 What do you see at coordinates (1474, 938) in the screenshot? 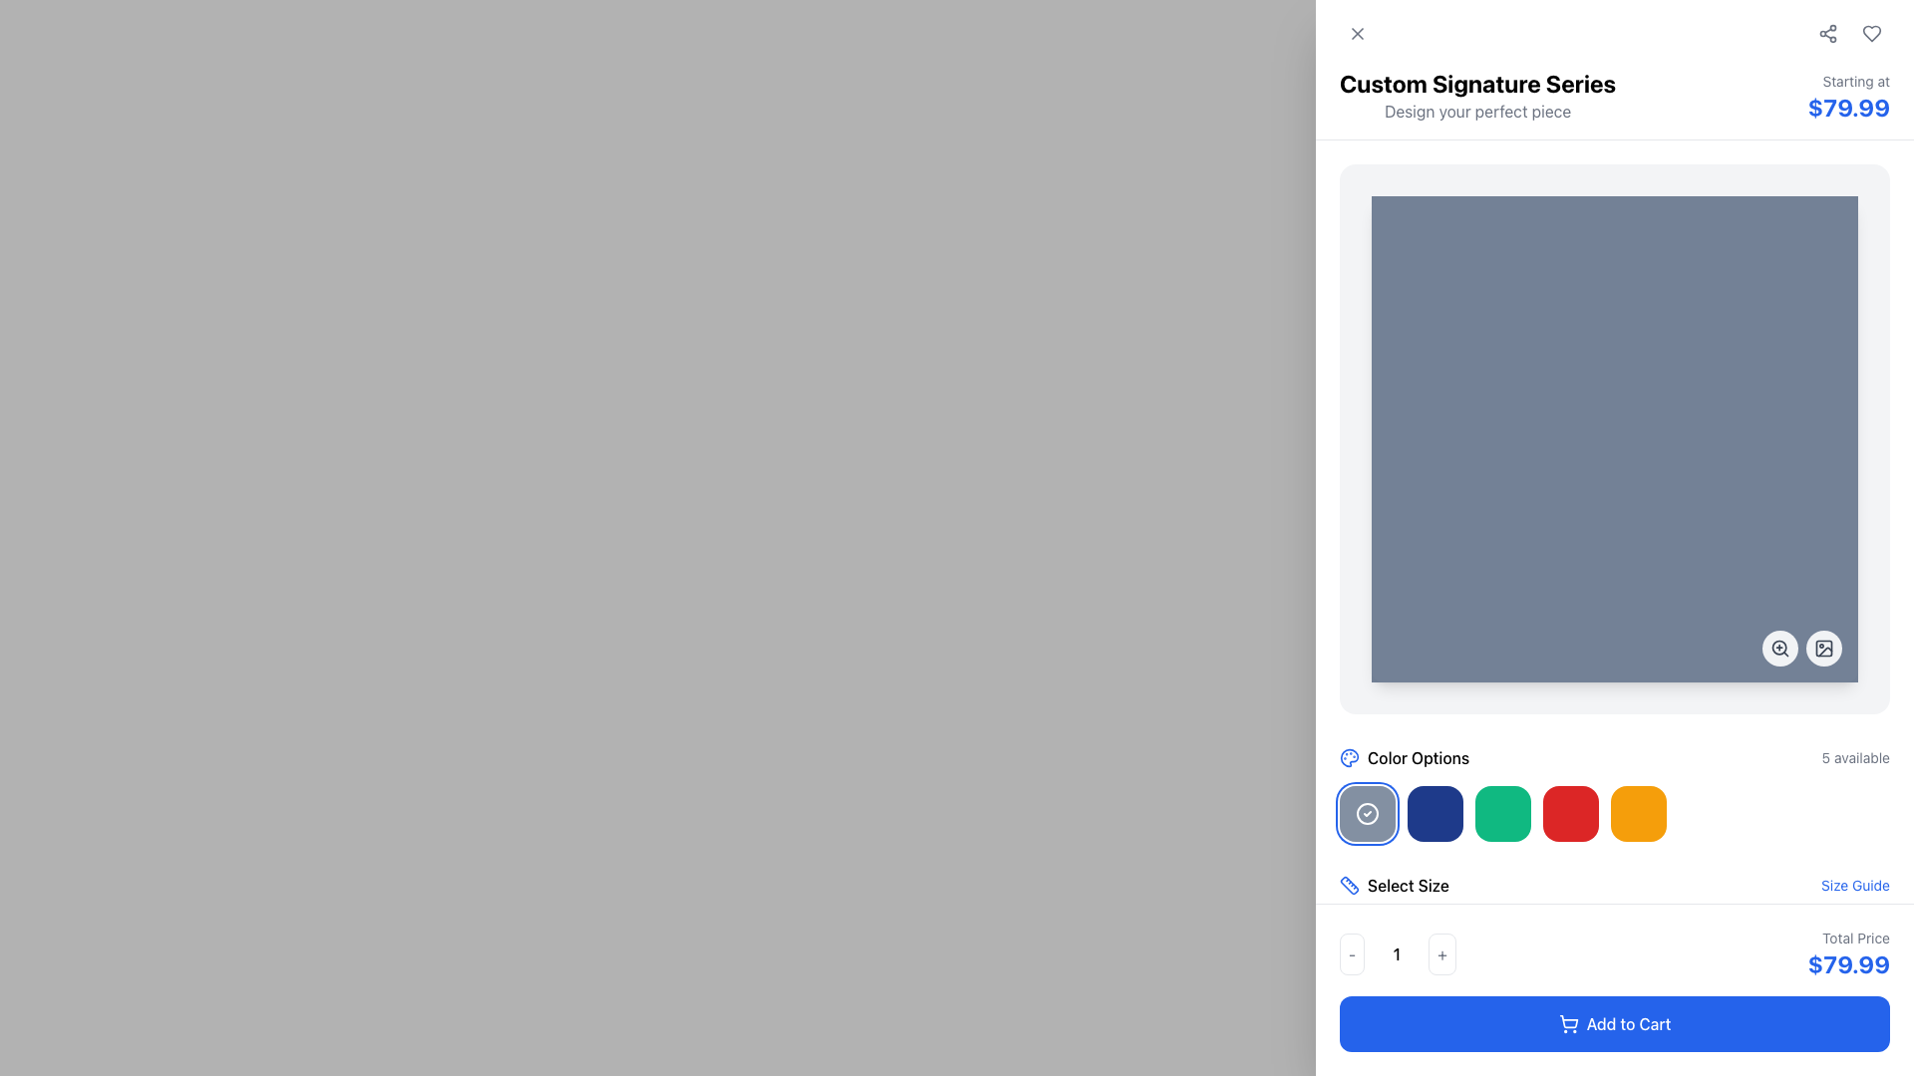
I see `the square button with a light blue background and the letter 'M'` at bounding box center [1474, 938].